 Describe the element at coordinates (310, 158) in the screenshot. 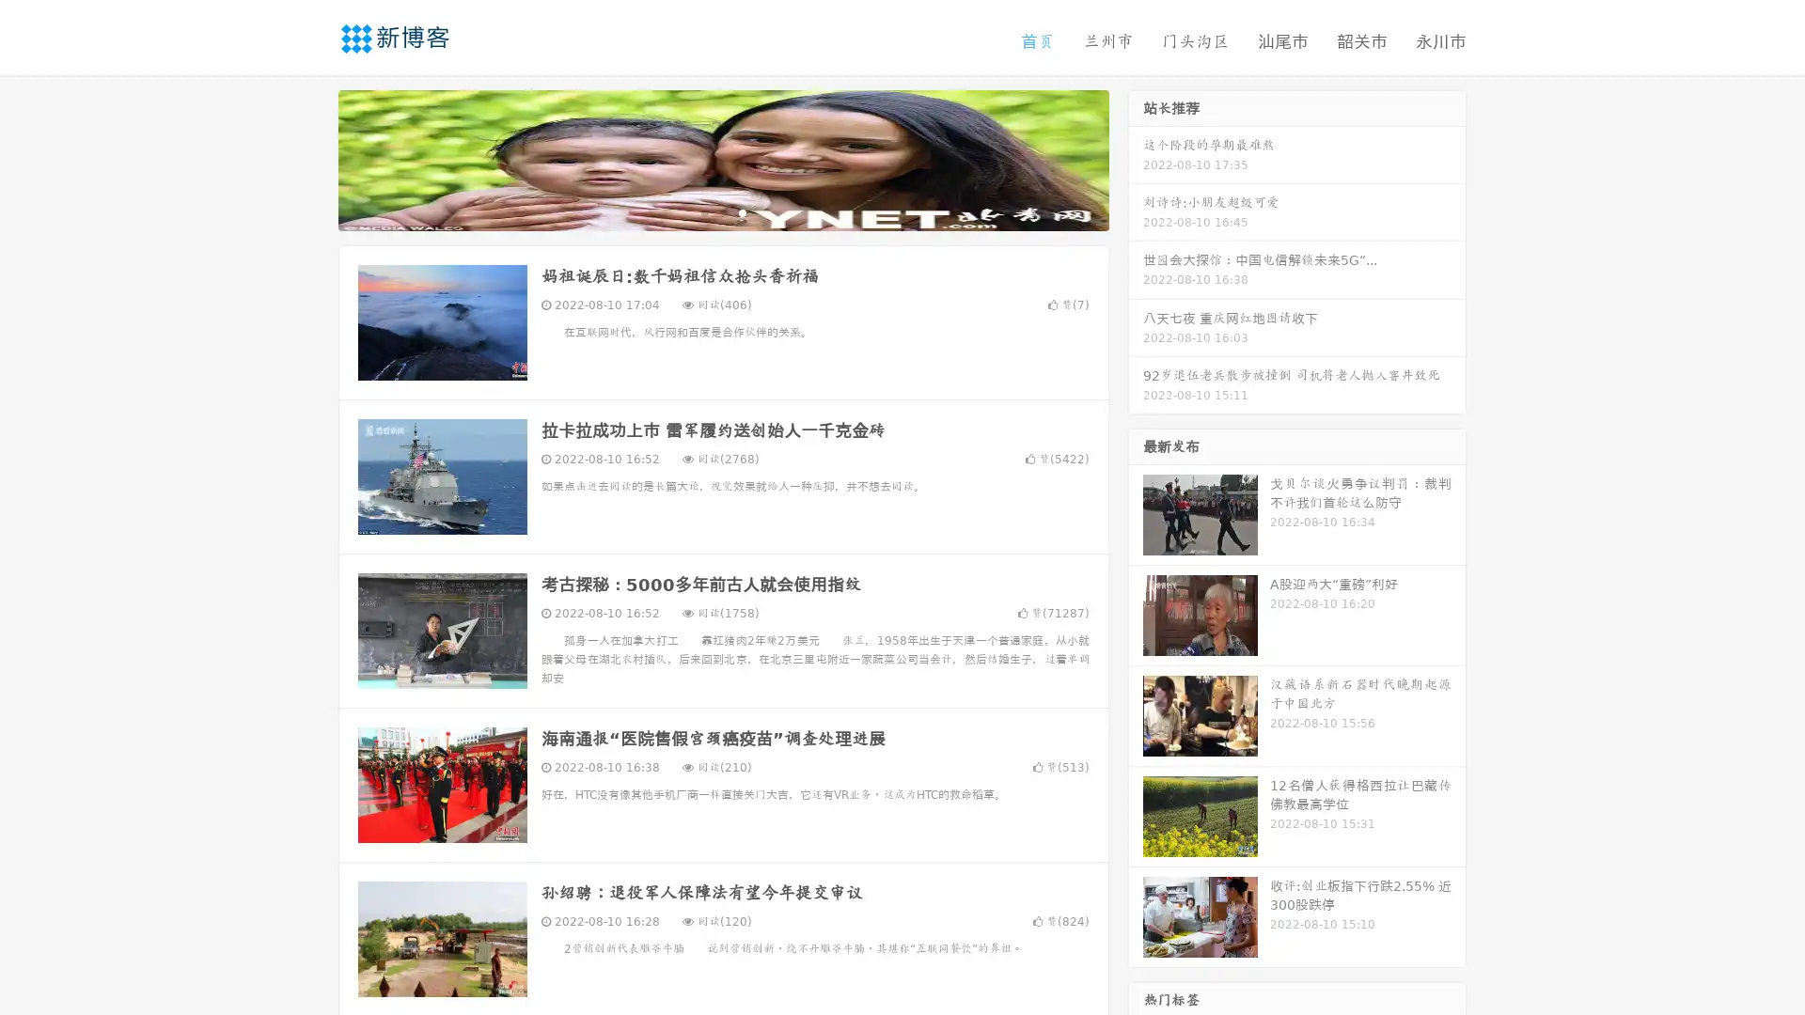

I see `Previous slide` at that location.